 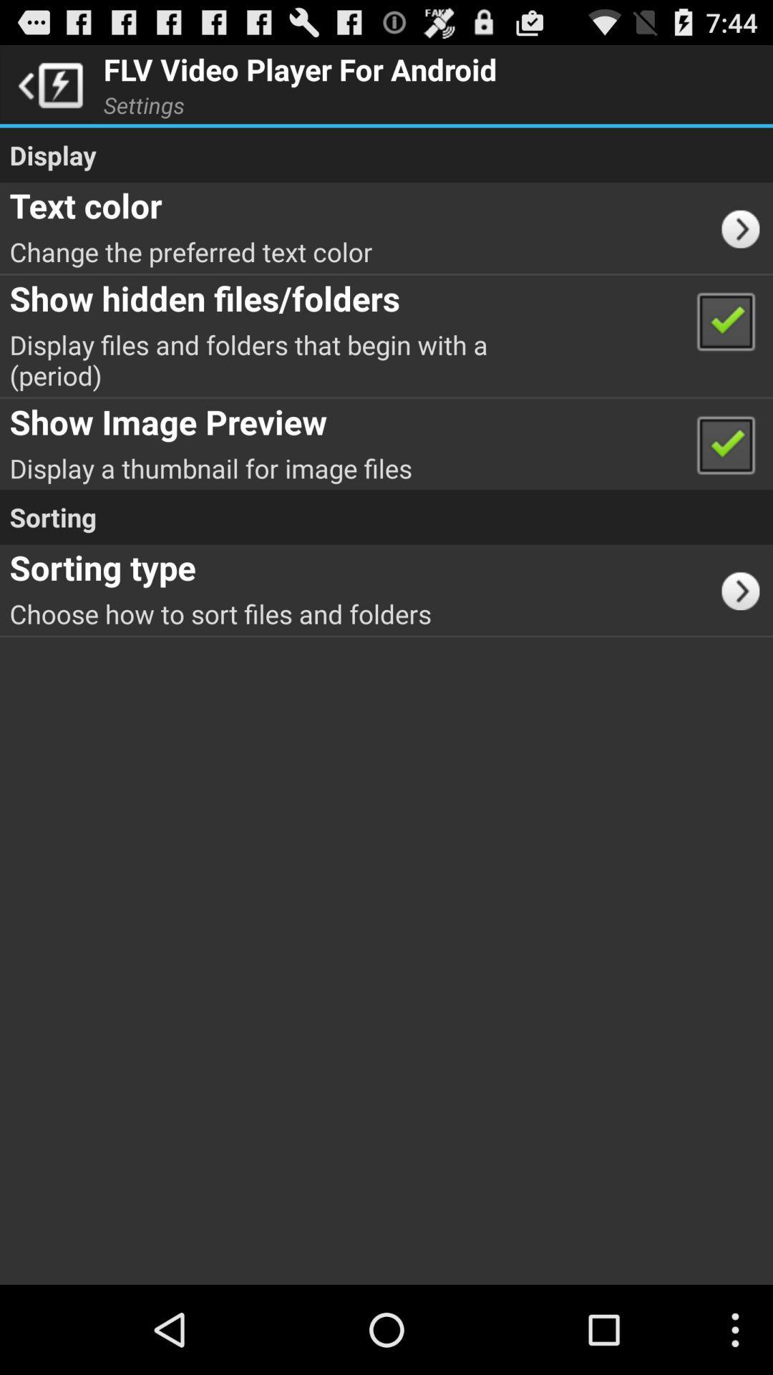 What do you see at coordinates (46, 83) in the screenshot?
I see `item next to flv video player` at bounding box center [46, 83].